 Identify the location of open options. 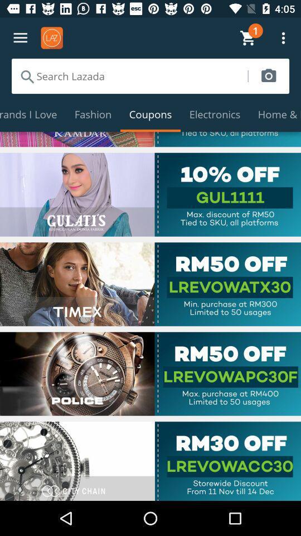
(20, 38).